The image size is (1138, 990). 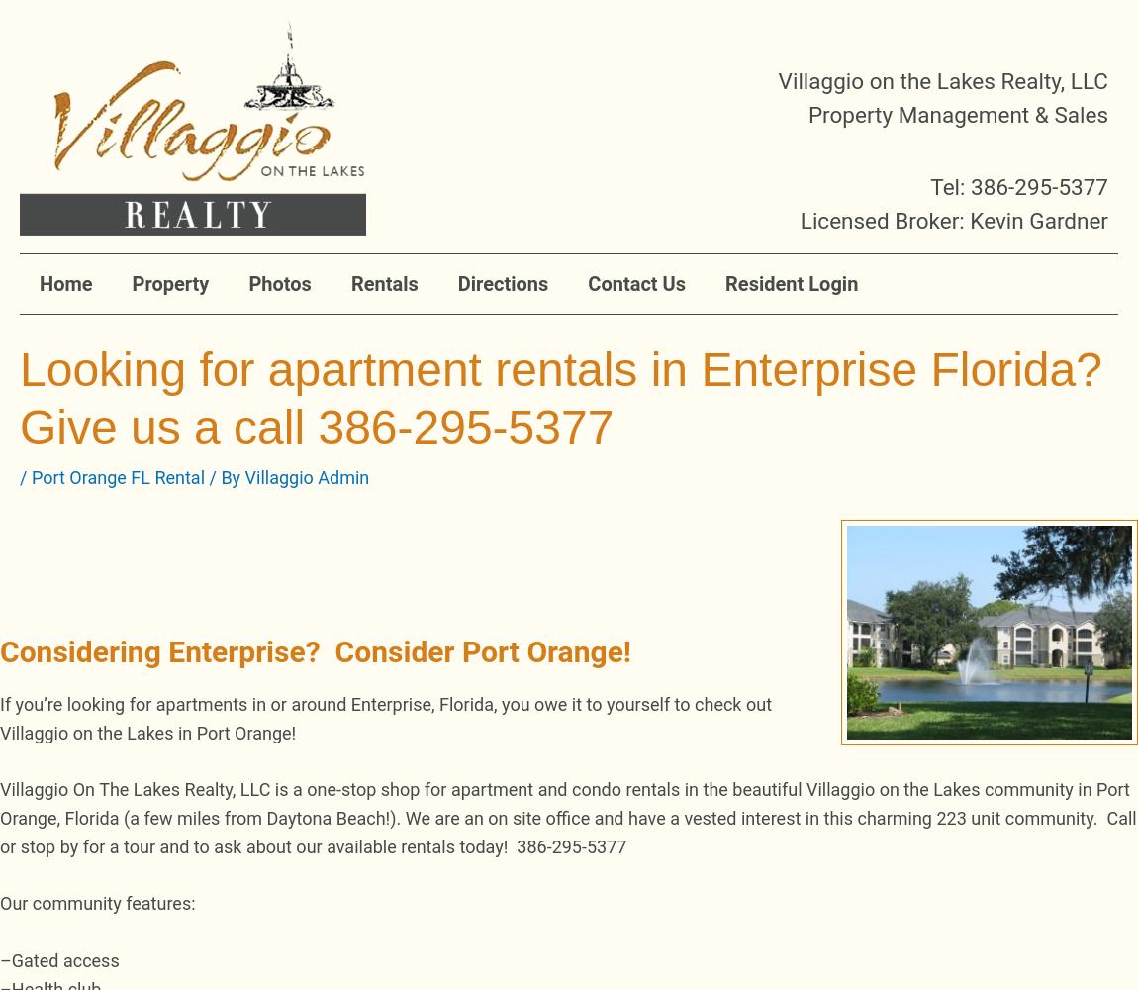 What do you see at coordinates (169, 284) in the screenshot?
I see `'Property'` at bounding box center [169, 284].